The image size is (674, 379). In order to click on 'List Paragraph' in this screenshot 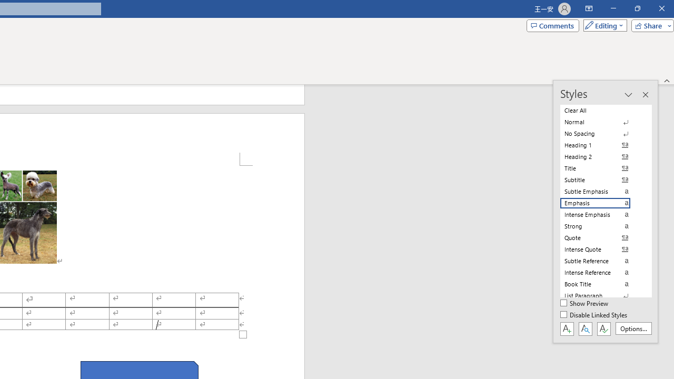, I will do `click(601, 295)`.